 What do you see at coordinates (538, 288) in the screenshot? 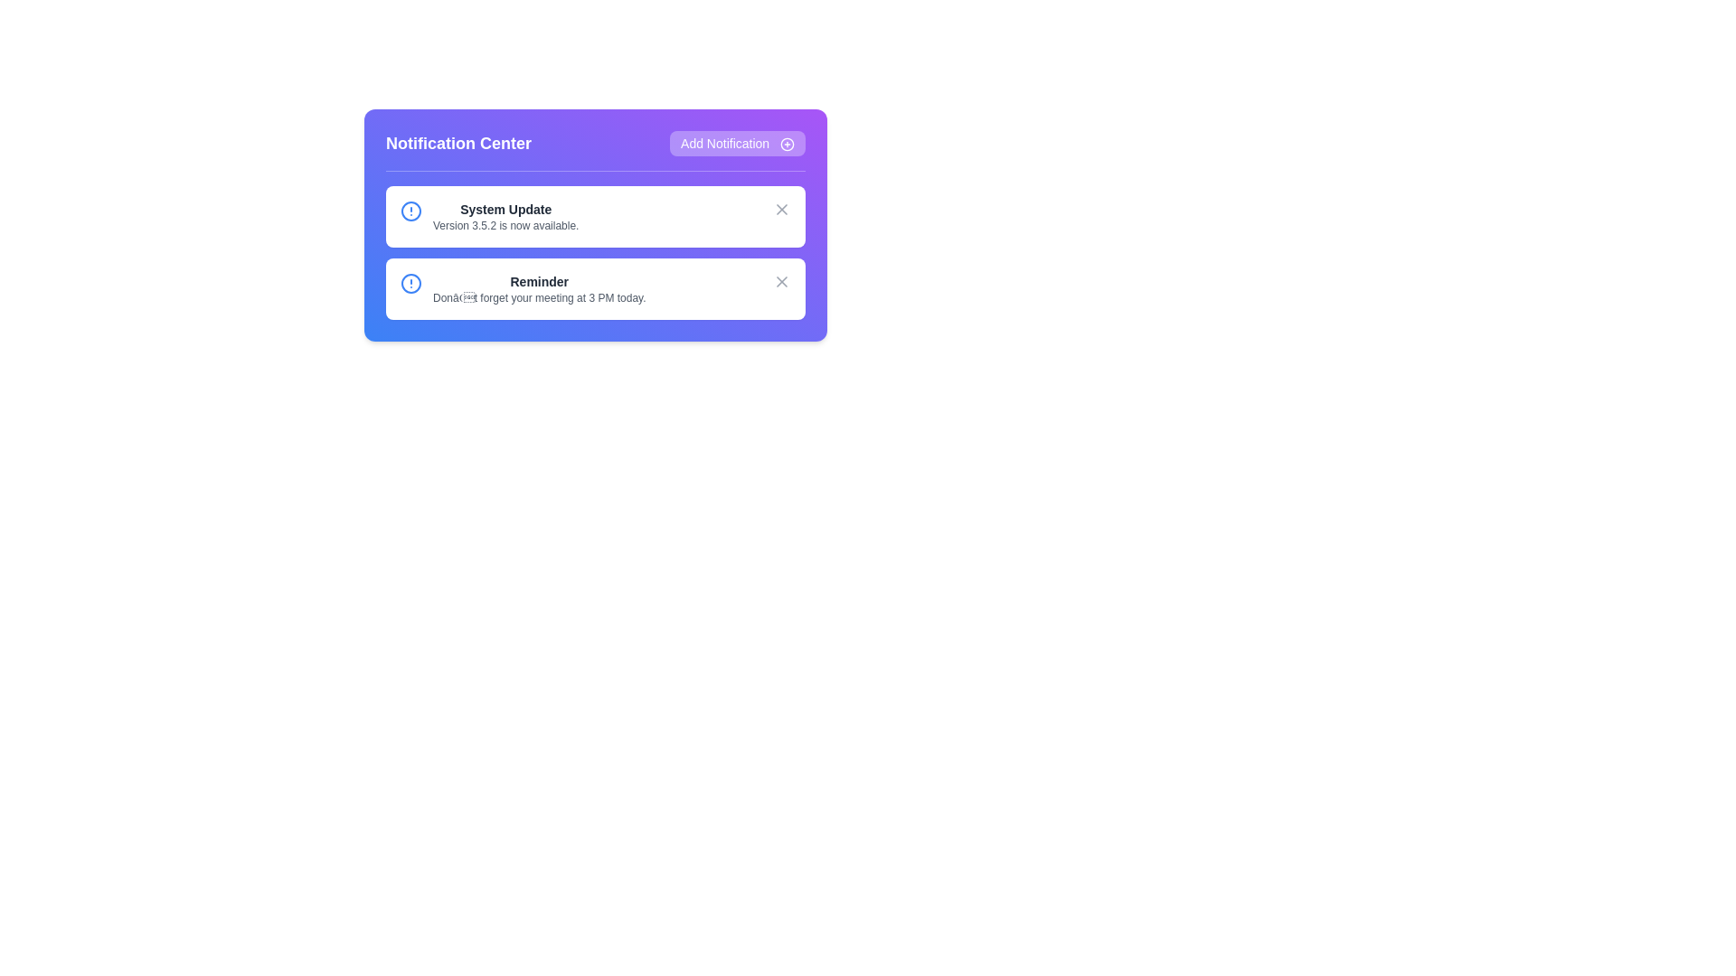
I see `the notification text about the upcoming meeting at 3 PM, which is the second notification in the notification center` at bounding box center [538, 288].